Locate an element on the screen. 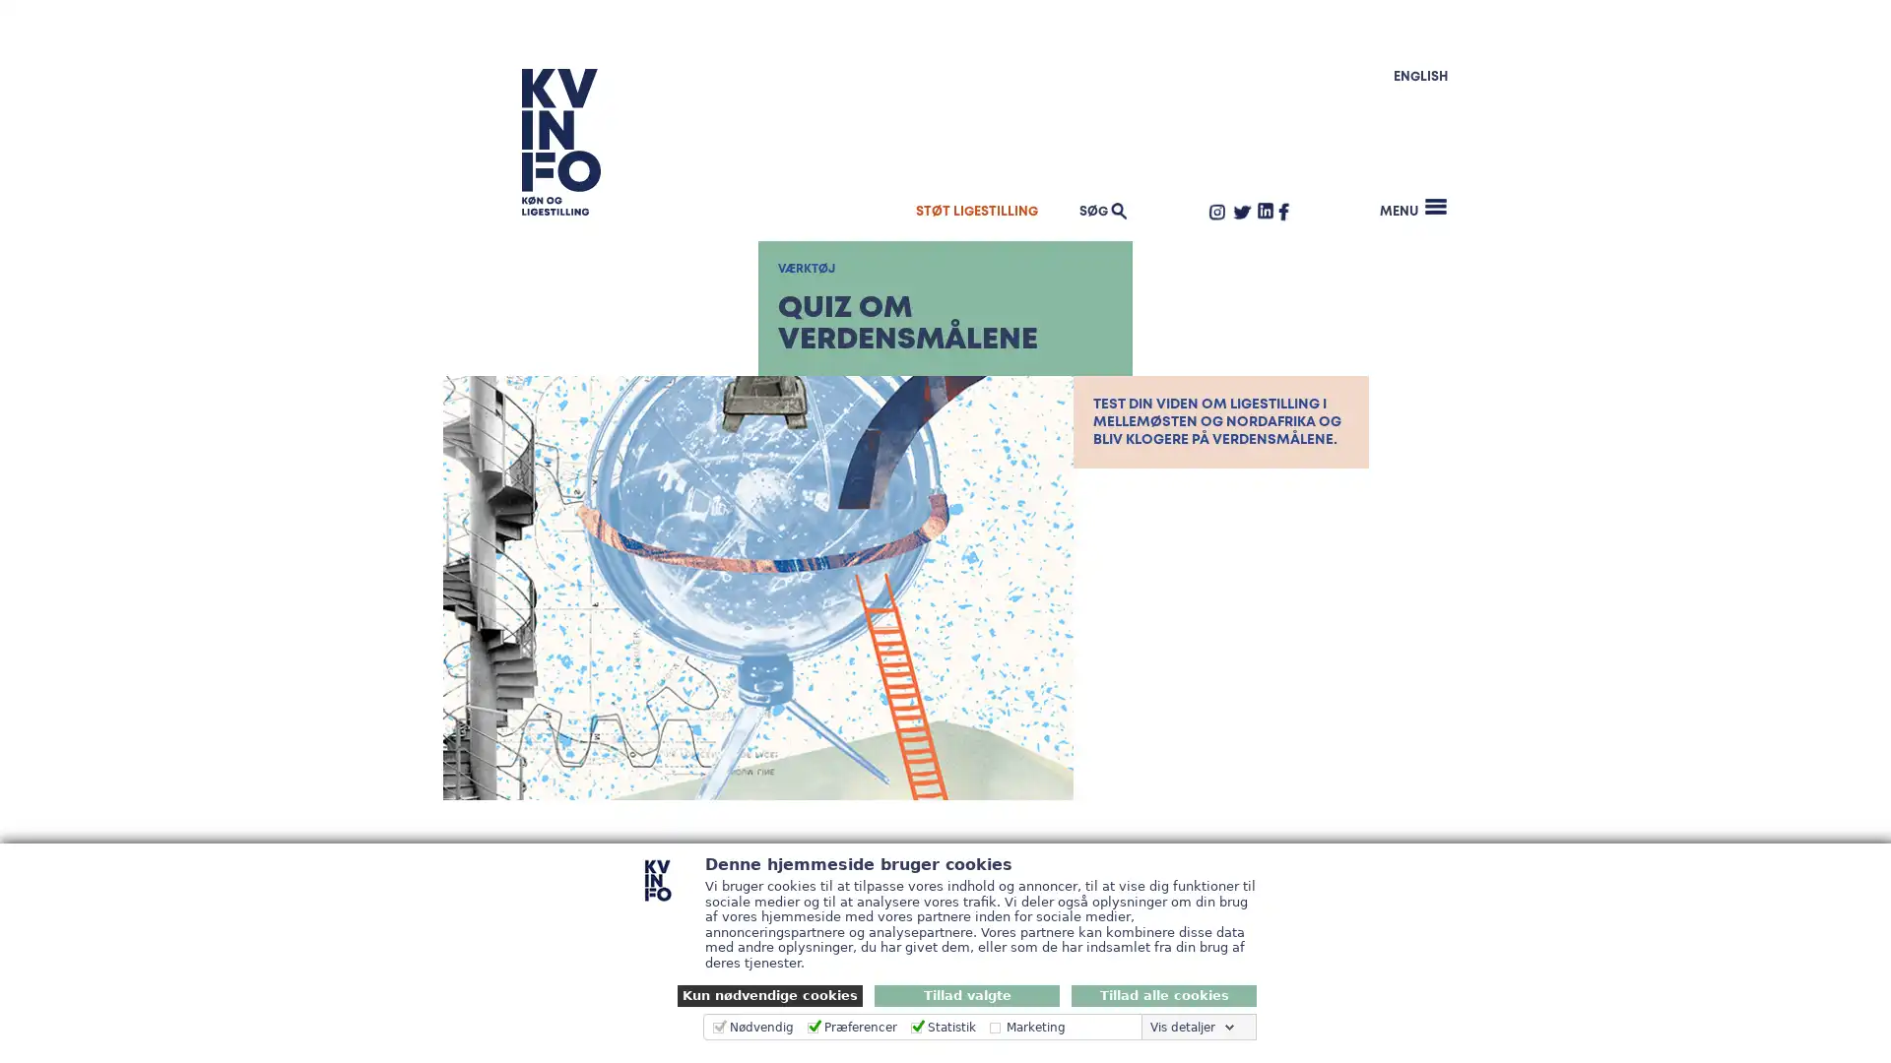  SG is located at coordinates (1099, 210).